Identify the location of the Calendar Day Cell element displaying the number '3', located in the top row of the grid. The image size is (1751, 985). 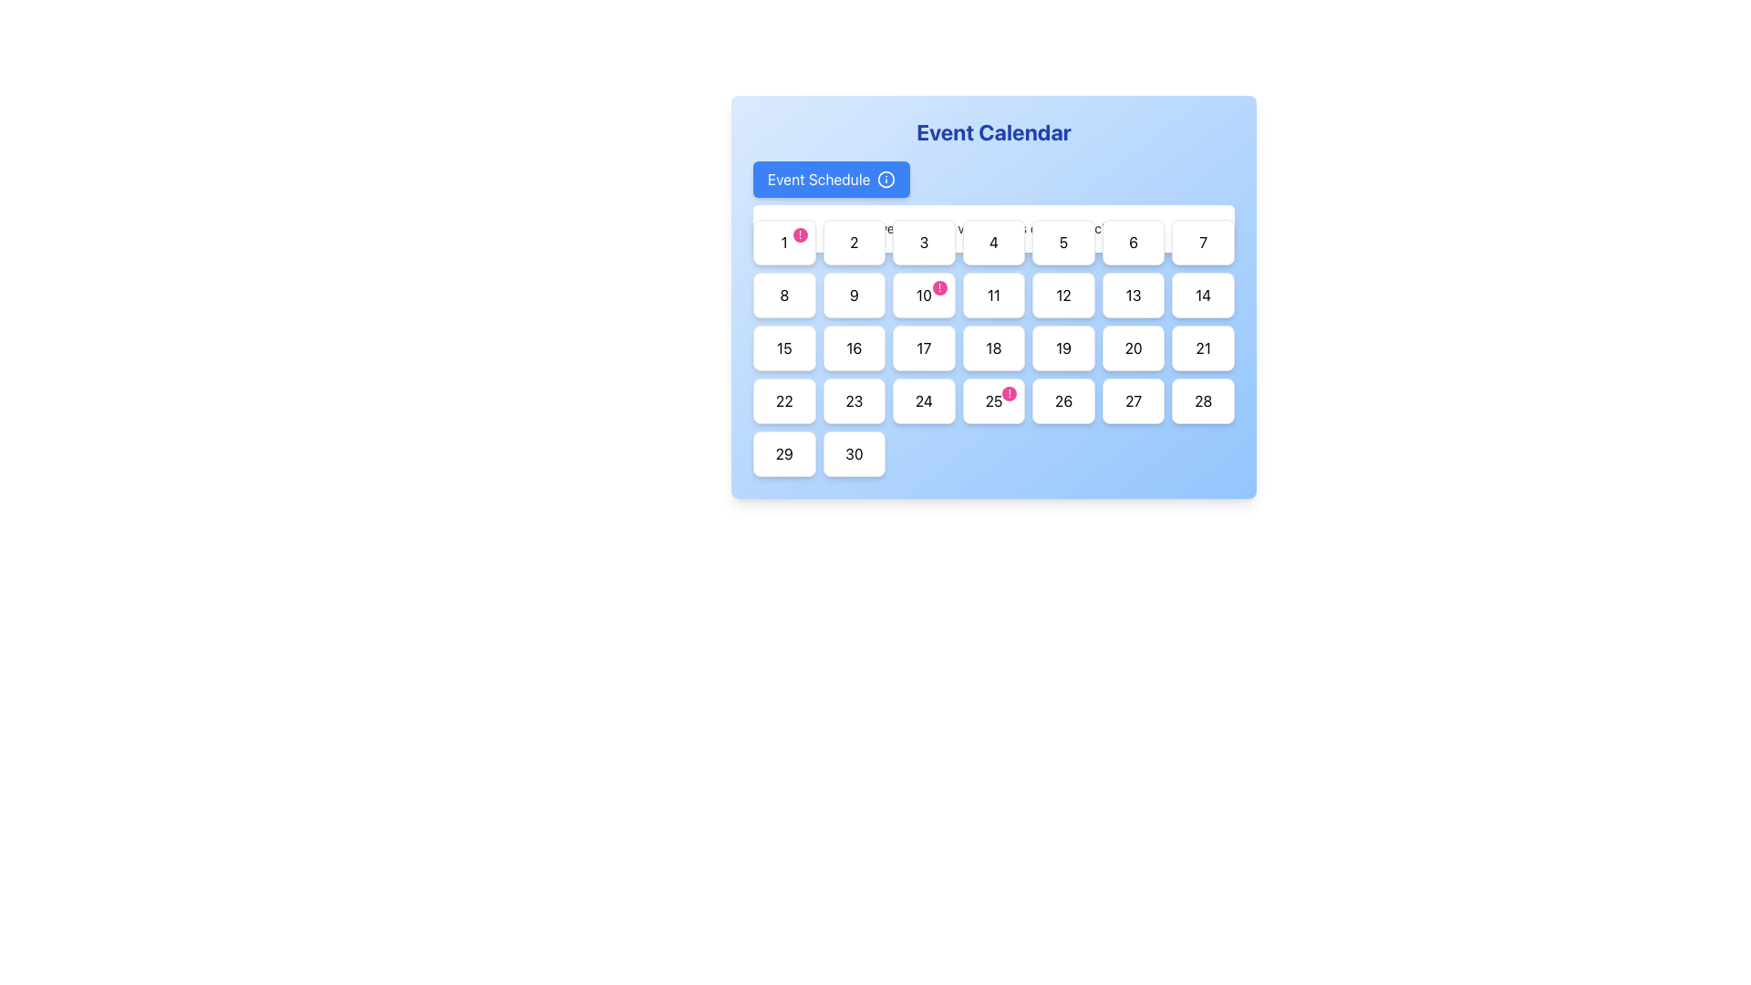
(924, 242).